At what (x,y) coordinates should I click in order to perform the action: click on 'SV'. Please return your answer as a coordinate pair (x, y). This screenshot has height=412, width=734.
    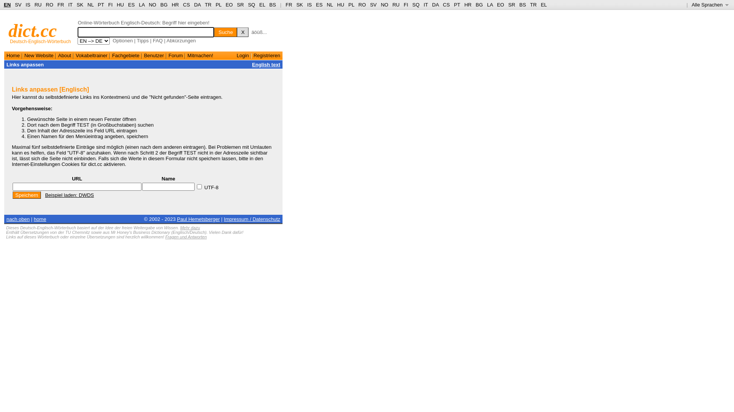
    Looking at the image, I should click on (373, 5).